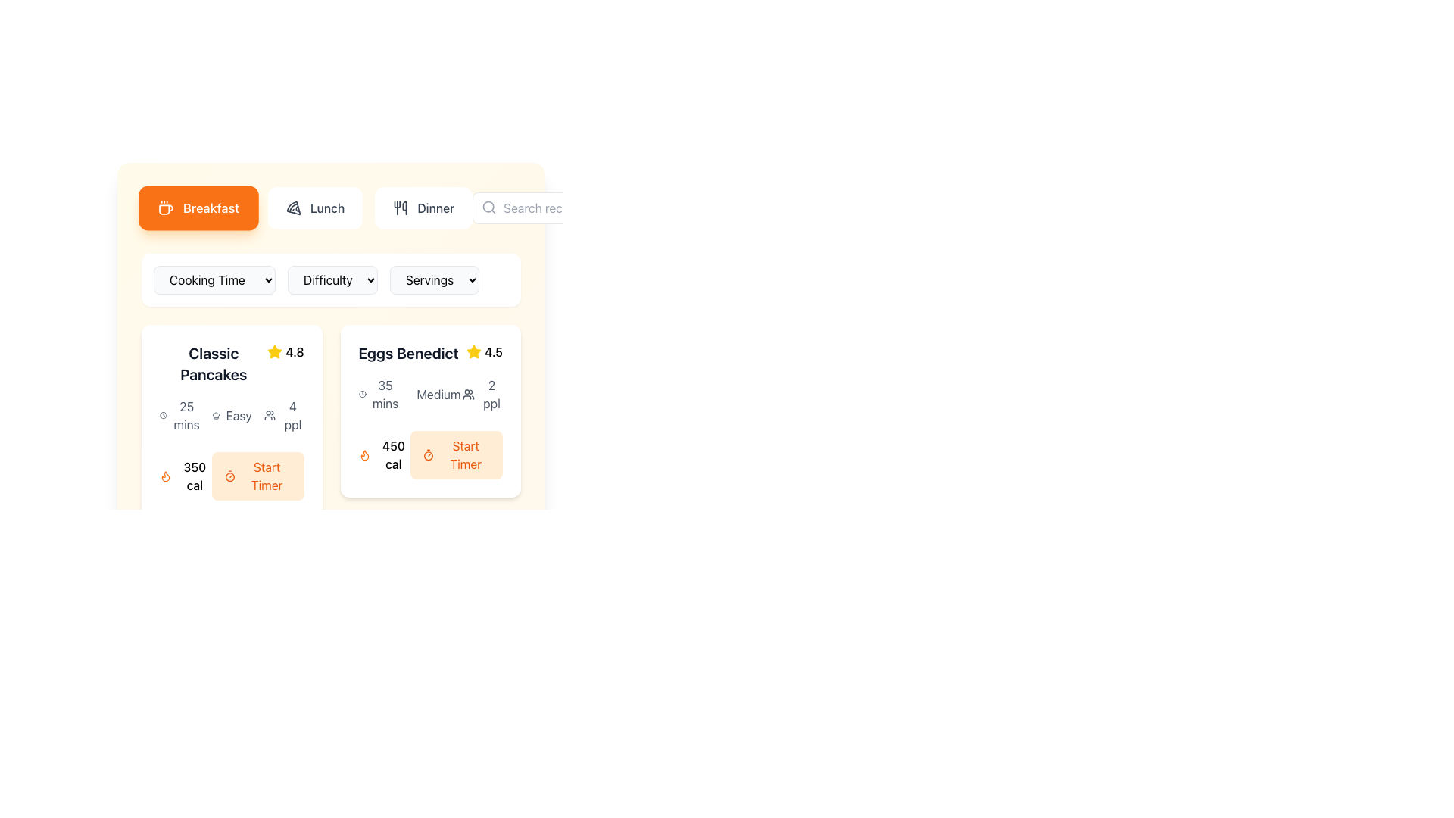 The height and width of the screenshot is (818, 1454). What do you see at coordinates (438, 393) in the screenshot?
I see `the text label indicating the difficulty level of the recipe 'Eggs Benedict', located at the bottom of the recipe card` at bounding box center [438, 393].